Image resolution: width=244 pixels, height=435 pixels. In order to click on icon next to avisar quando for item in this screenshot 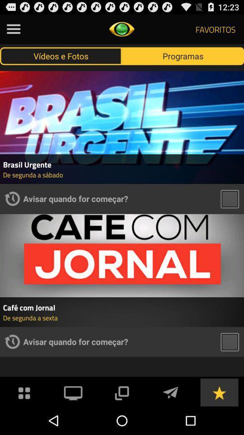, I will do `click(12, 198)`.